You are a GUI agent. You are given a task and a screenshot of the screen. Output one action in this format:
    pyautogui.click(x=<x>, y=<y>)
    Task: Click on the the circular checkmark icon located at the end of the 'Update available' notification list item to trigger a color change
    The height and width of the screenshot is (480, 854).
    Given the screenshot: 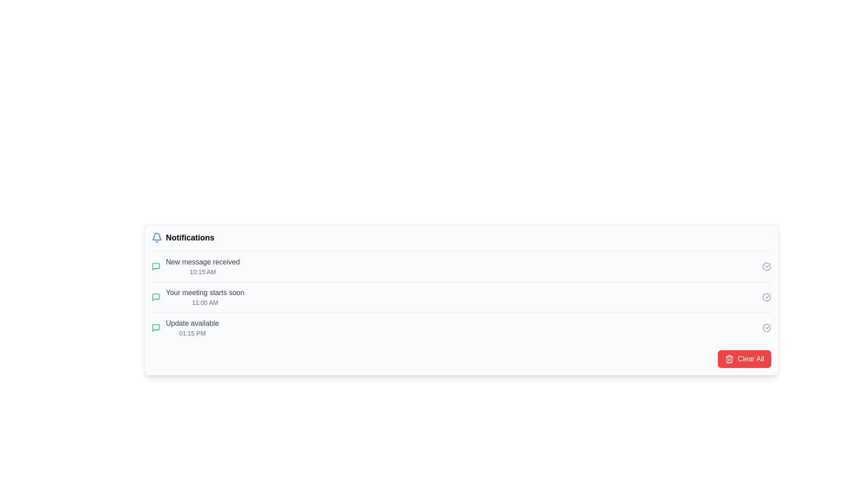 What is the action you would take?
    pyautogui.click(x=766, y=297)
    